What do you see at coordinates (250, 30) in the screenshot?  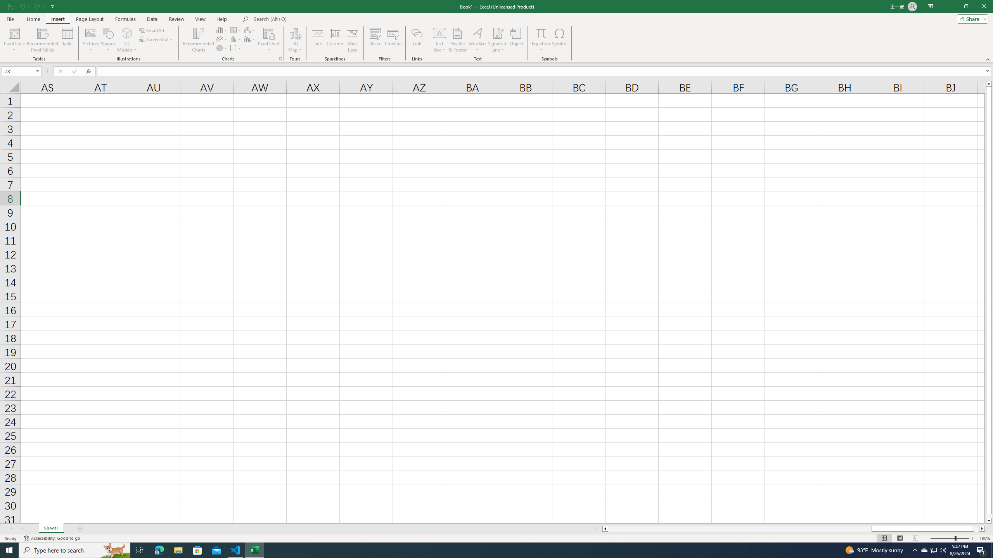 I see `'Insert Waterfall, Funnel, Stock, Surface, or Radar Chart'` at bounding box center [250, 30].